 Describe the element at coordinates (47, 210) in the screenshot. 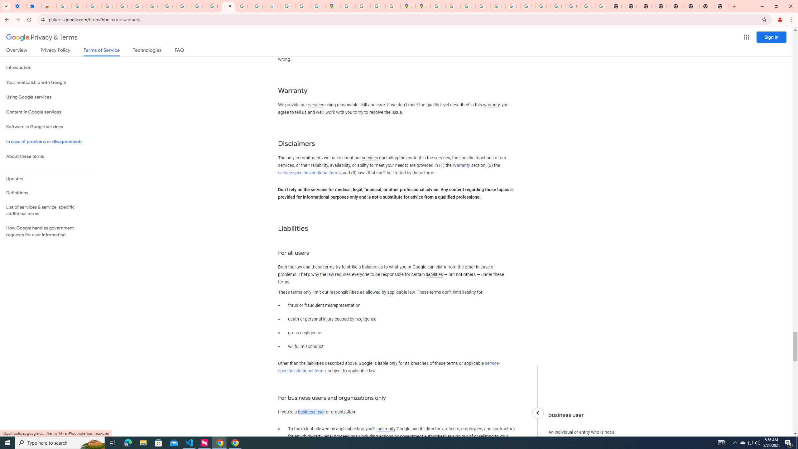

I see `'List of services & service-specific additional terms'` at that location.